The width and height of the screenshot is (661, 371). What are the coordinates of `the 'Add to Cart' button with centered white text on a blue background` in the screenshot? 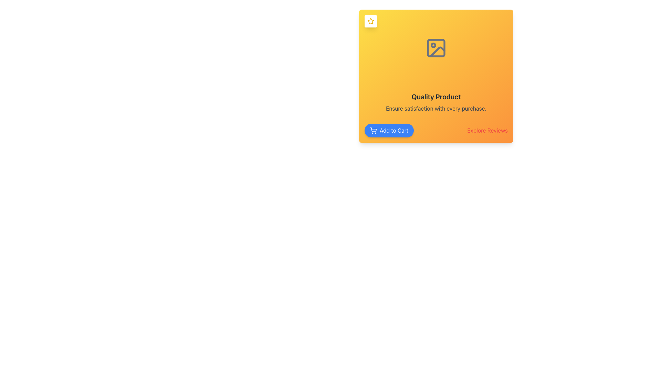 It's located at (389, 131).